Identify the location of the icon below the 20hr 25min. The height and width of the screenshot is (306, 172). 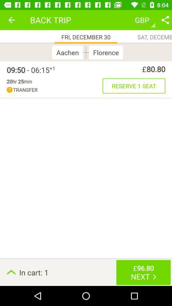
(54, 90).